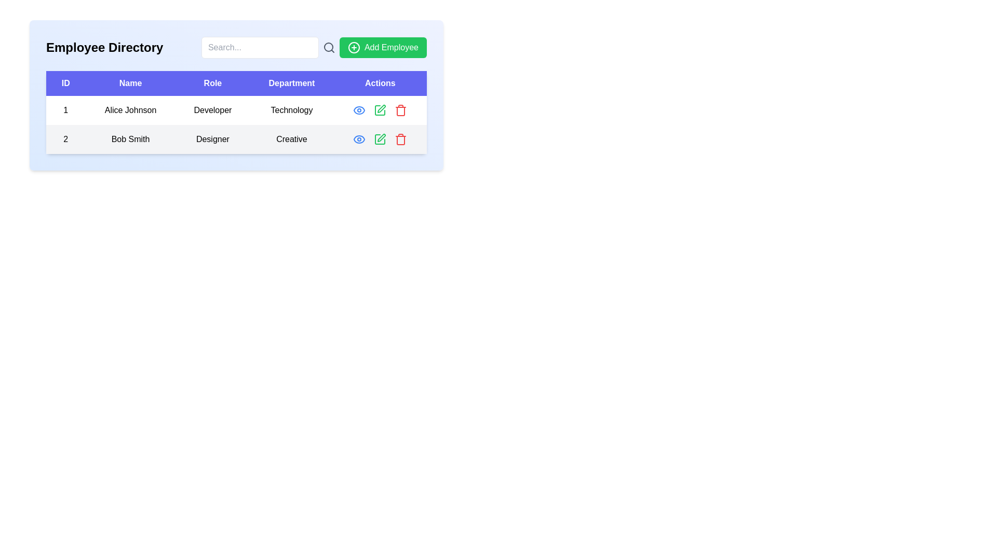 Image resolution: width=997 pixels, height=560 pixels. What do you see at coordinates (379, 110) in the screenshot?
I see `the green editing tool icon located in the 'Actions' column of the second row of the table to initiate the edit action` at bounding box center [379, 110].